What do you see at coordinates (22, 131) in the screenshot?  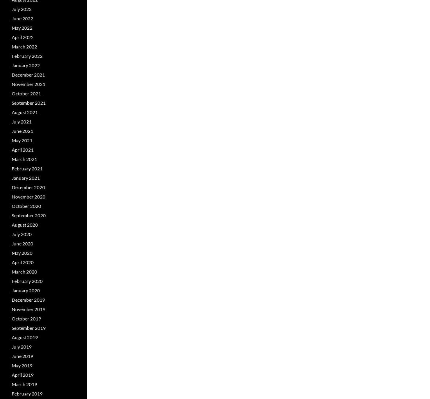 I see `'June 2021'` at bounding box center [22, 131].